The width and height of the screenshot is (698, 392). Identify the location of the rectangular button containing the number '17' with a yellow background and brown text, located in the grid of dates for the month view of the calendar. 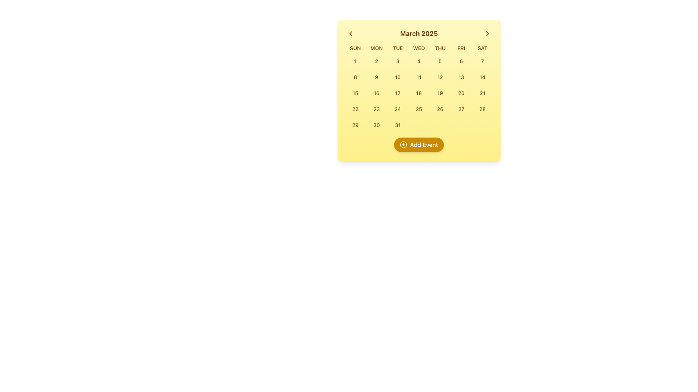
(397, 93).